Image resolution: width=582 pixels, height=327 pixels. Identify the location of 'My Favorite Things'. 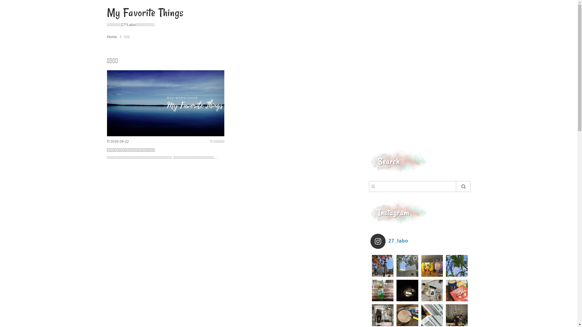
(145, 12).